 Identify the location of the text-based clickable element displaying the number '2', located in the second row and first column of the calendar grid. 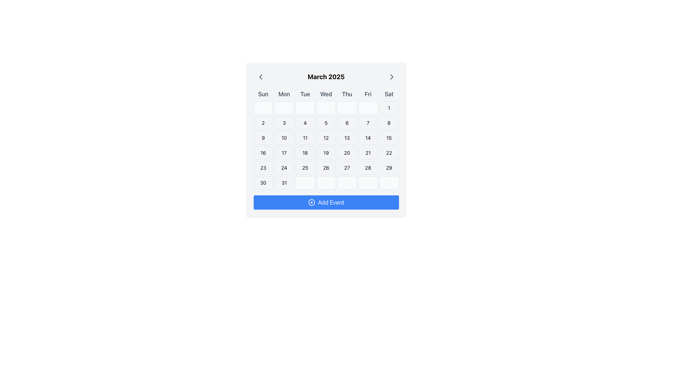
(263, 122).